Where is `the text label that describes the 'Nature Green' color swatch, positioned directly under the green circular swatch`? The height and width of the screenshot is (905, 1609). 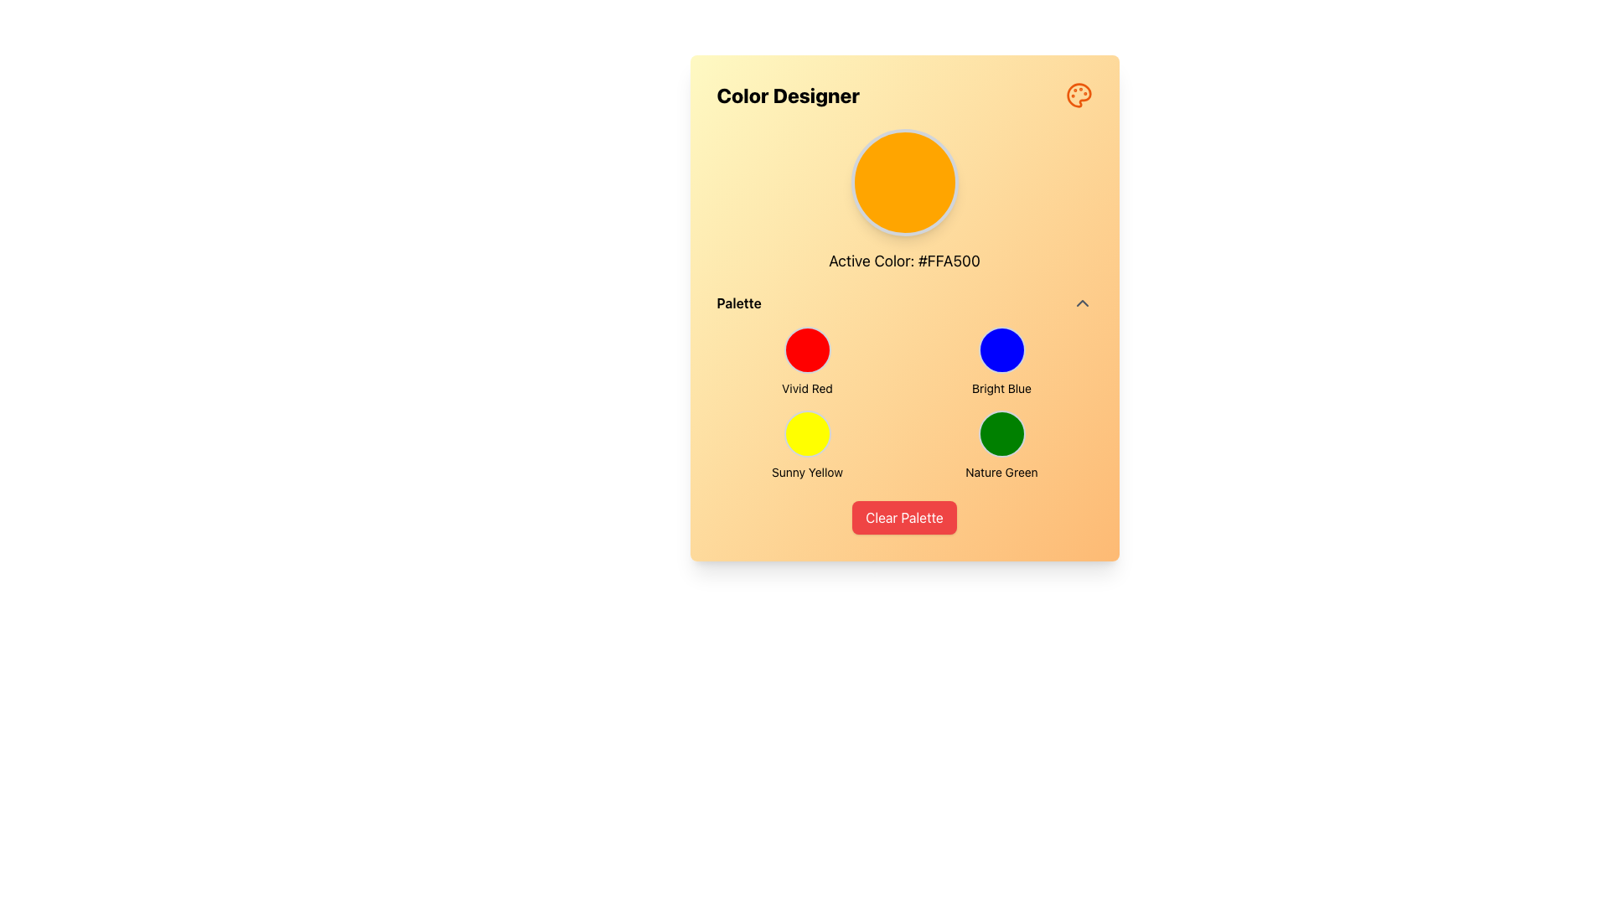 the text label that describes the 'Nature Green' color swatch, positioned directly under the green circular swatch is located at coordinates (1001, 472).